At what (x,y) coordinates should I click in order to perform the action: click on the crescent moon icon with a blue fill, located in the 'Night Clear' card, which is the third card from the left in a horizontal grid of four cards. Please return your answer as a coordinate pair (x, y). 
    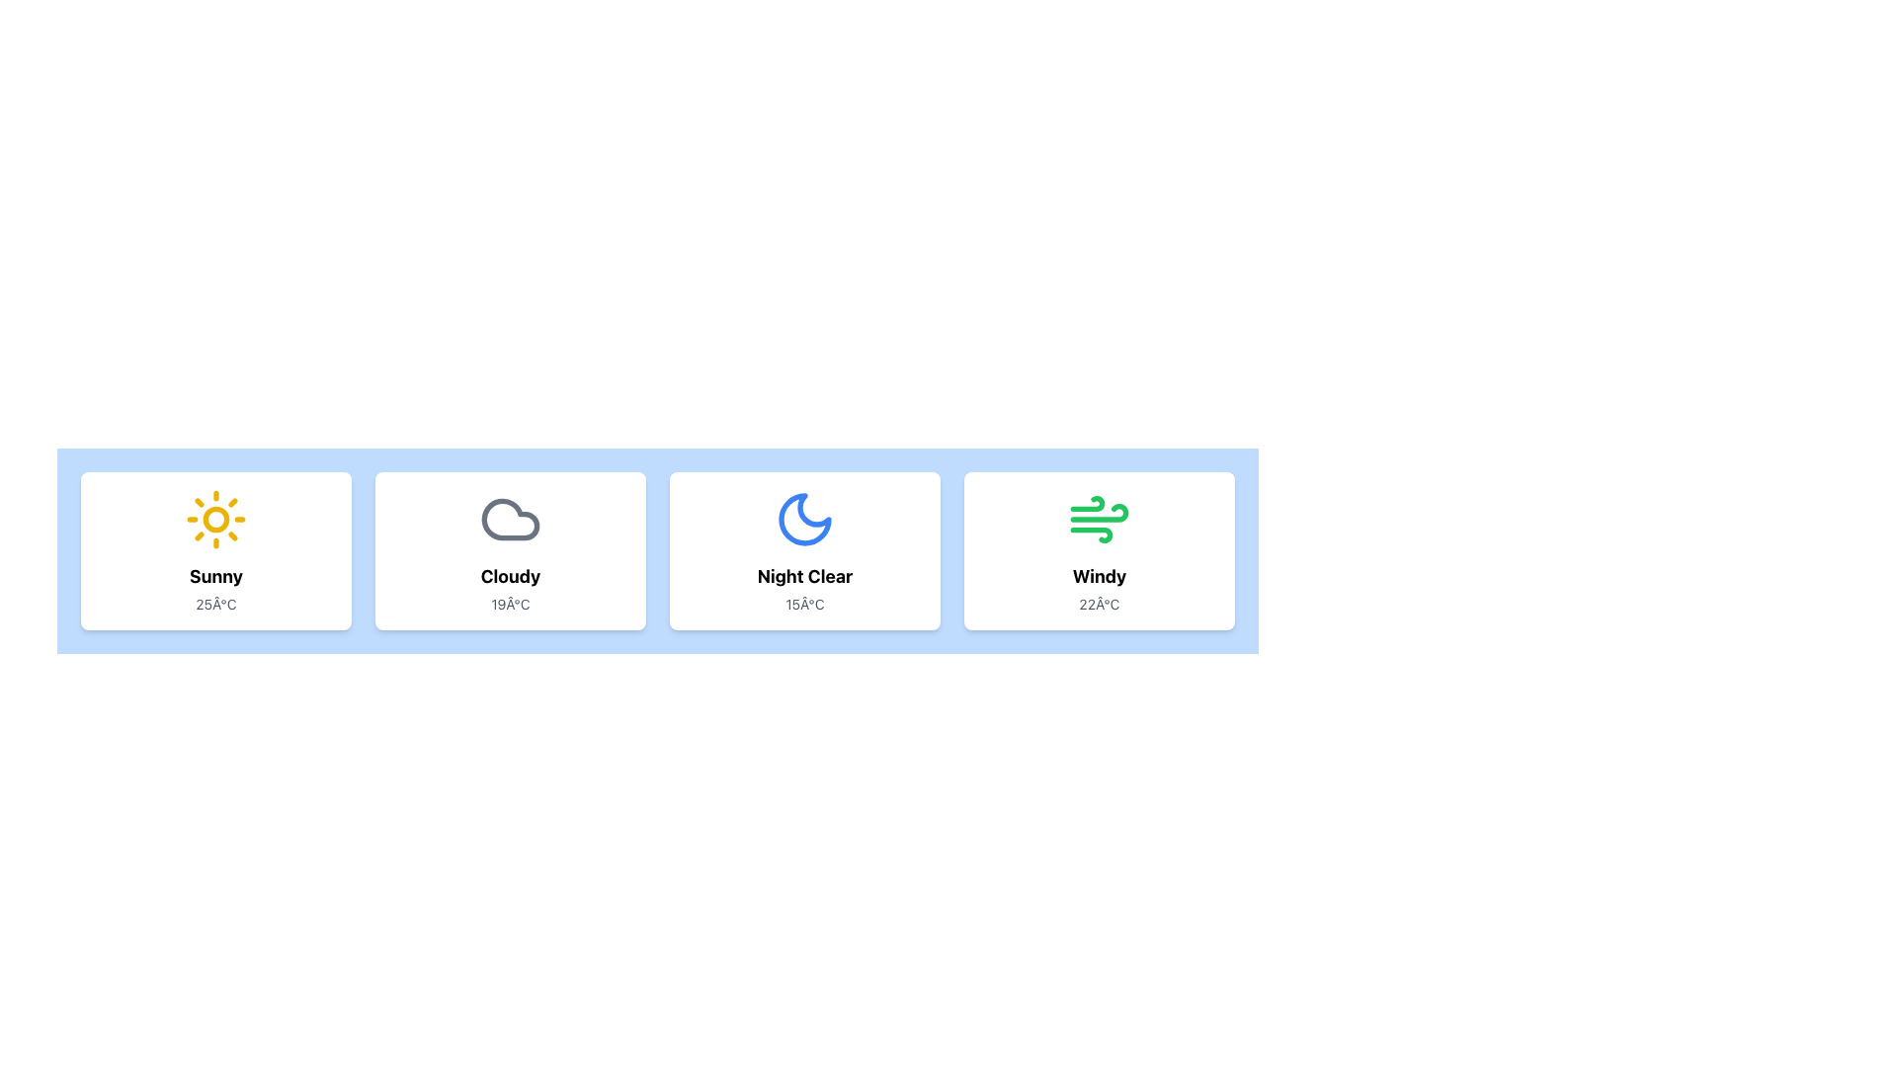
    Looking at the image, I should click on (805, 518).